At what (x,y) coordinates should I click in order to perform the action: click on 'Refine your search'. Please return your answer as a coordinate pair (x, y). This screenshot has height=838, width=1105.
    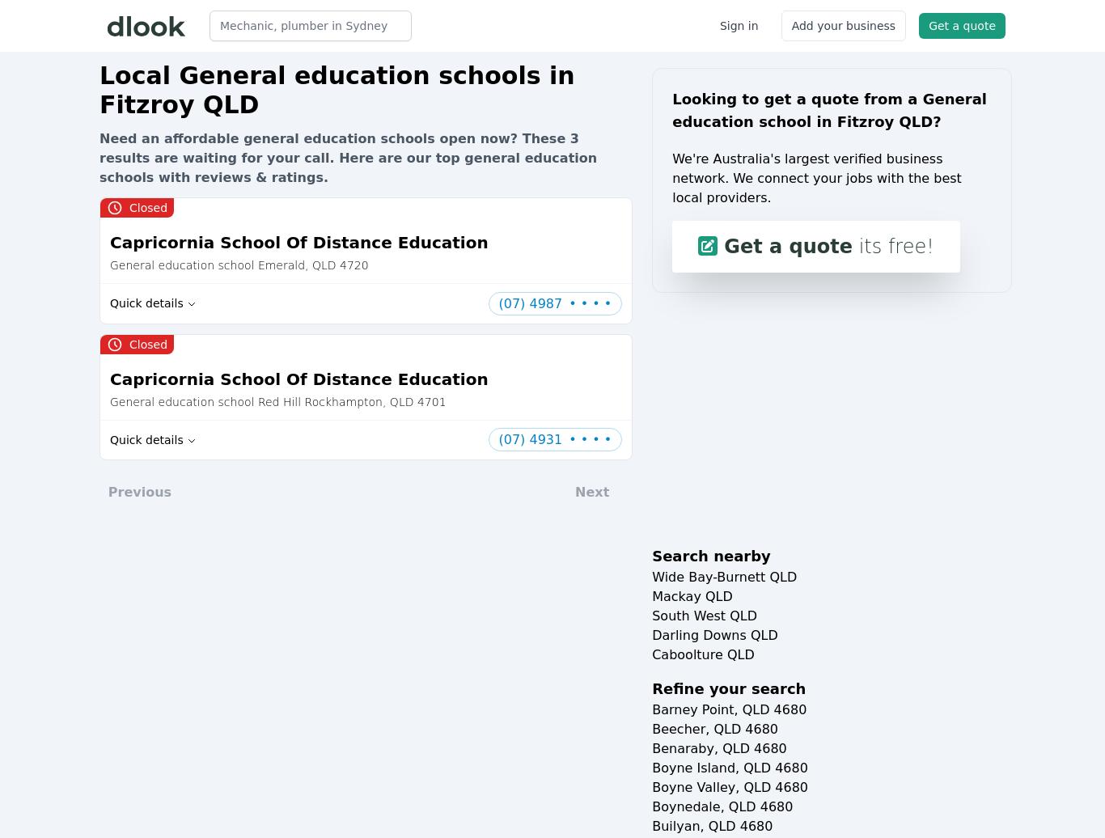
    Looking at the image, I should click on (728, 688).